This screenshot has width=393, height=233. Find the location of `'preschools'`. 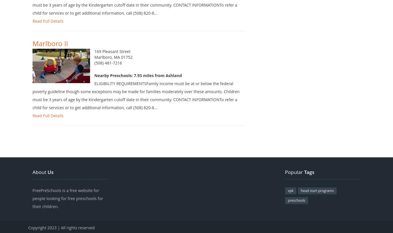

'preschools' is located at coordinates (296, 209).